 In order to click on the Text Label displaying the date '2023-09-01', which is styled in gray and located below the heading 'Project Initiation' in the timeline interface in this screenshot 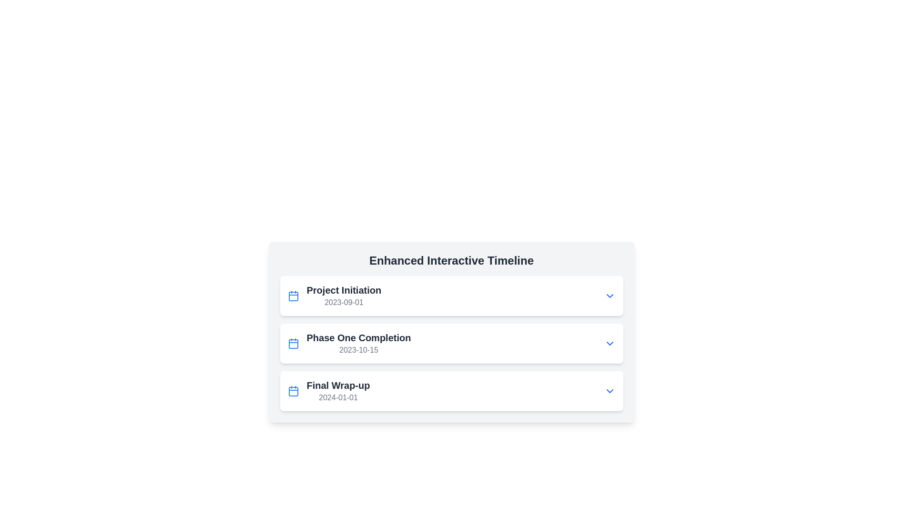, I will do `click(343, 303)`.